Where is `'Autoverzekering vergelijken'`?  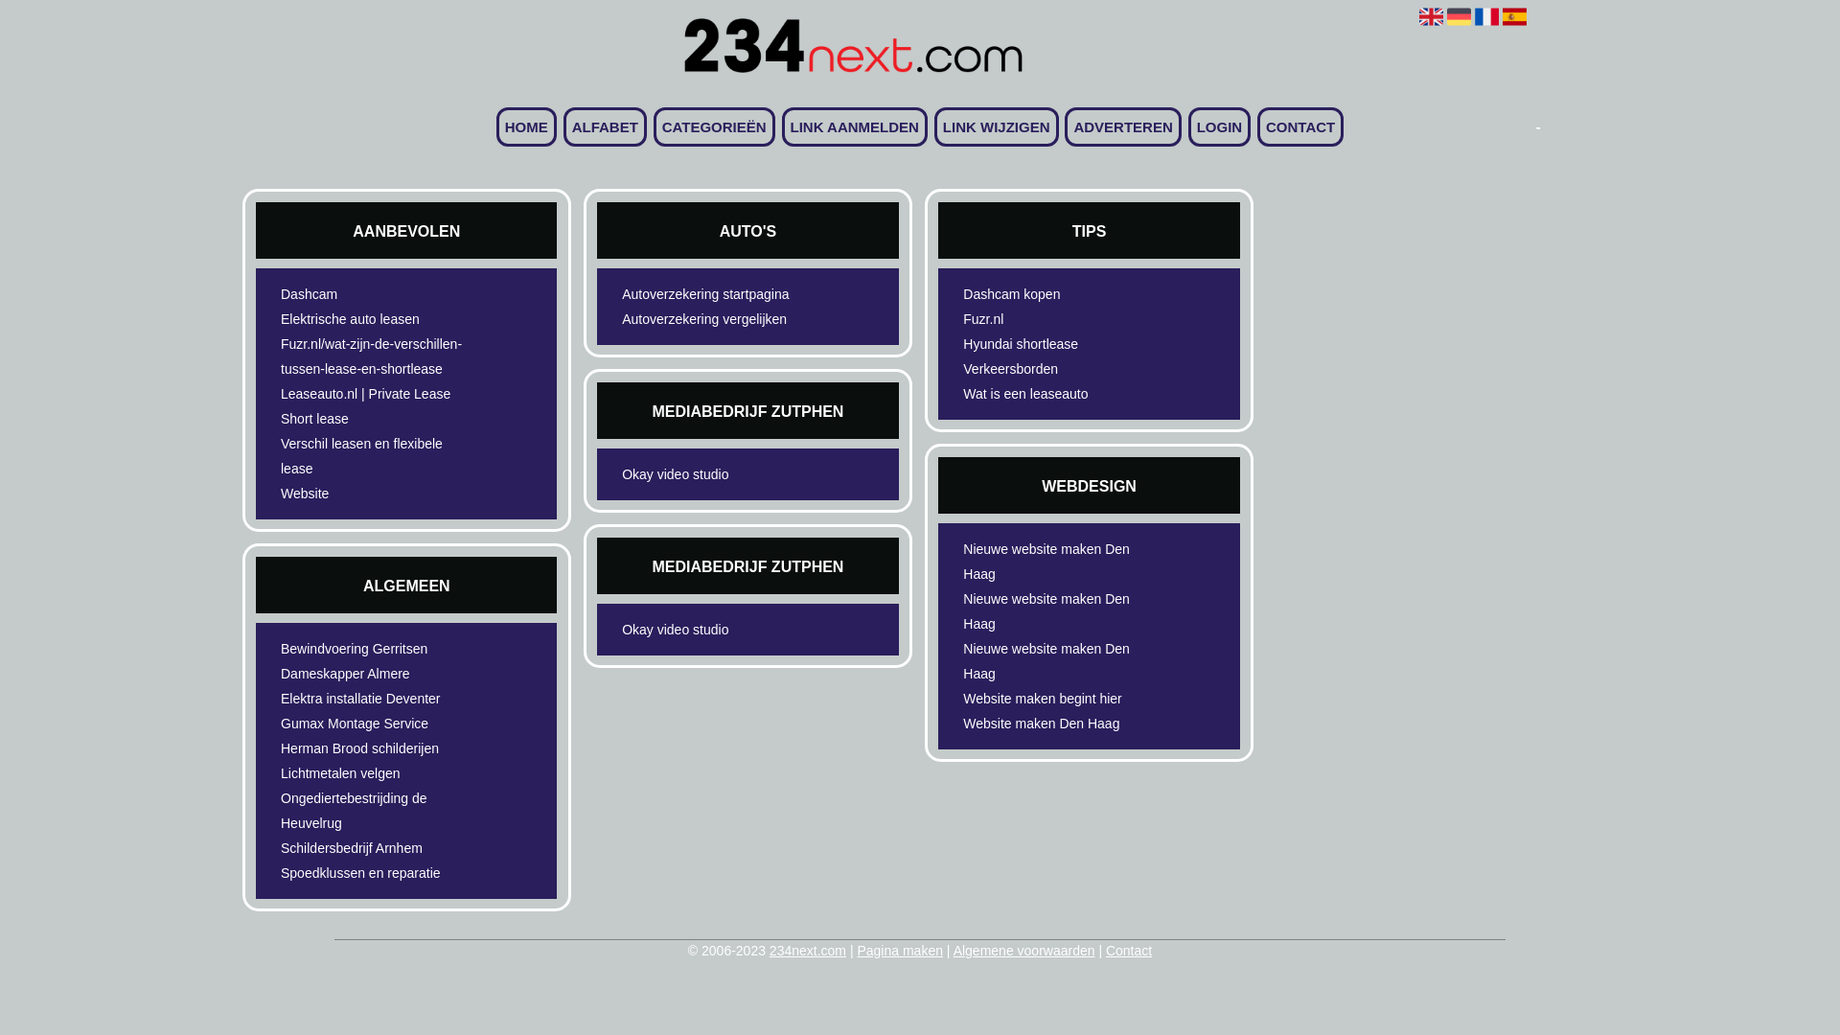
'Autoverzekering vergelijken' is located at coordinates (616, 317).